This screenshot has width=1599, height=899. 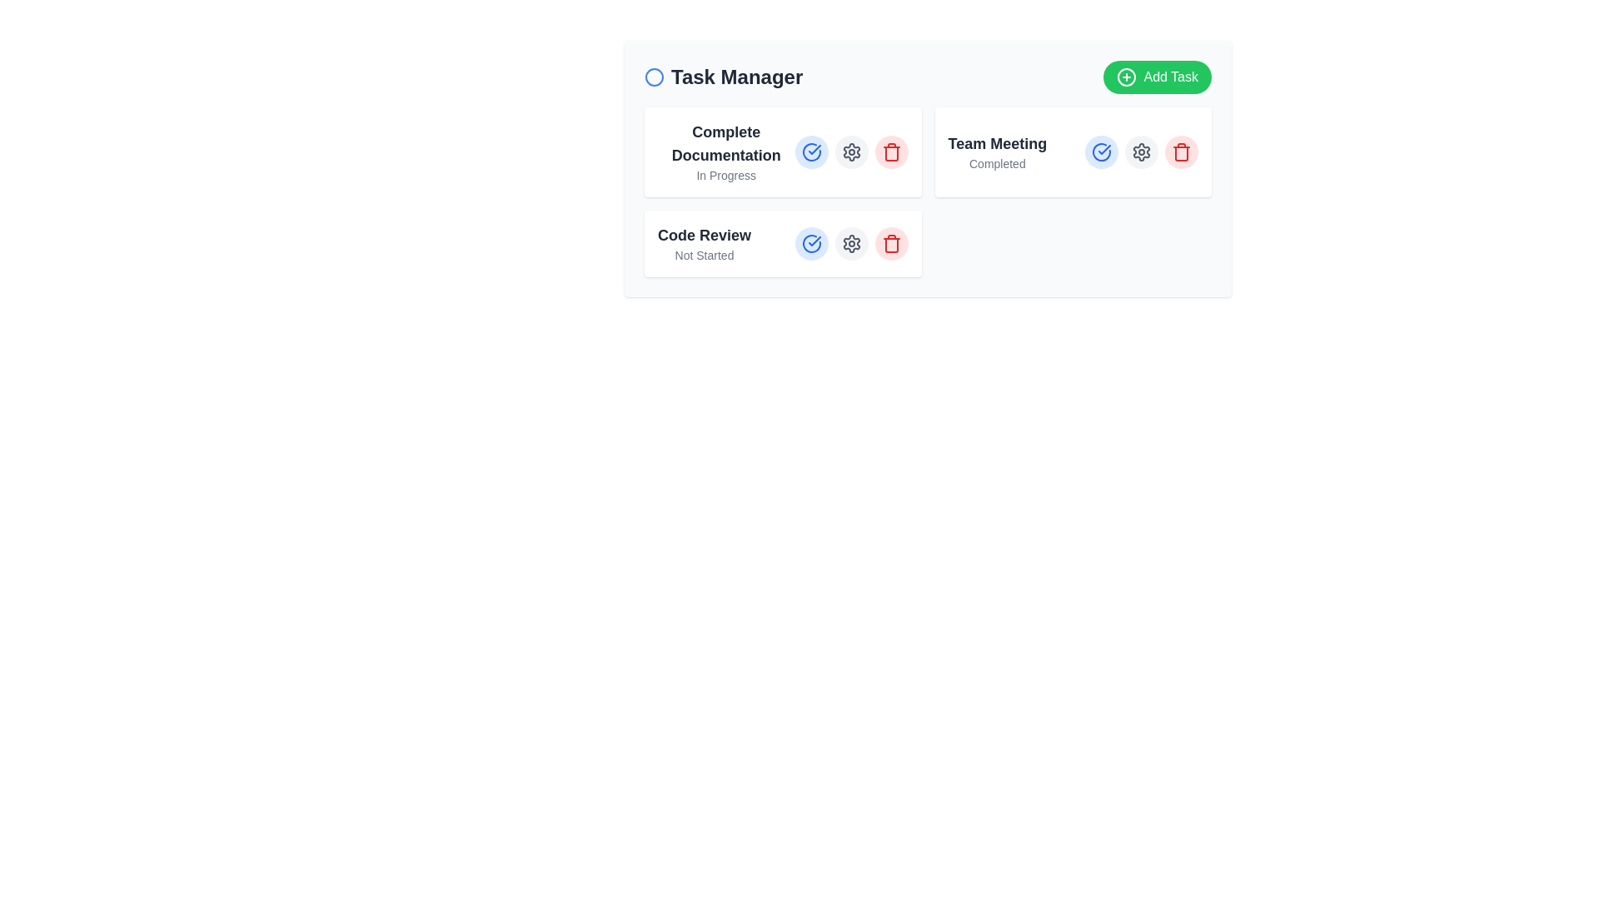 I want to click on the leftmost icon button indicating the completion status of the 'Code Review' task, so click(x=811, y=244).